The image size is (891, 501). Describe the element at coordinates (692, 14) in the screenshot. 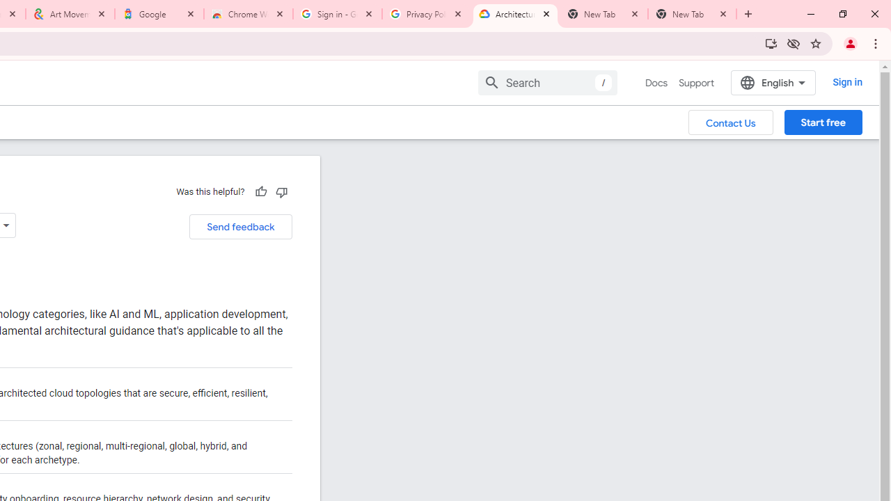

I see `'New Tab'` at that location.